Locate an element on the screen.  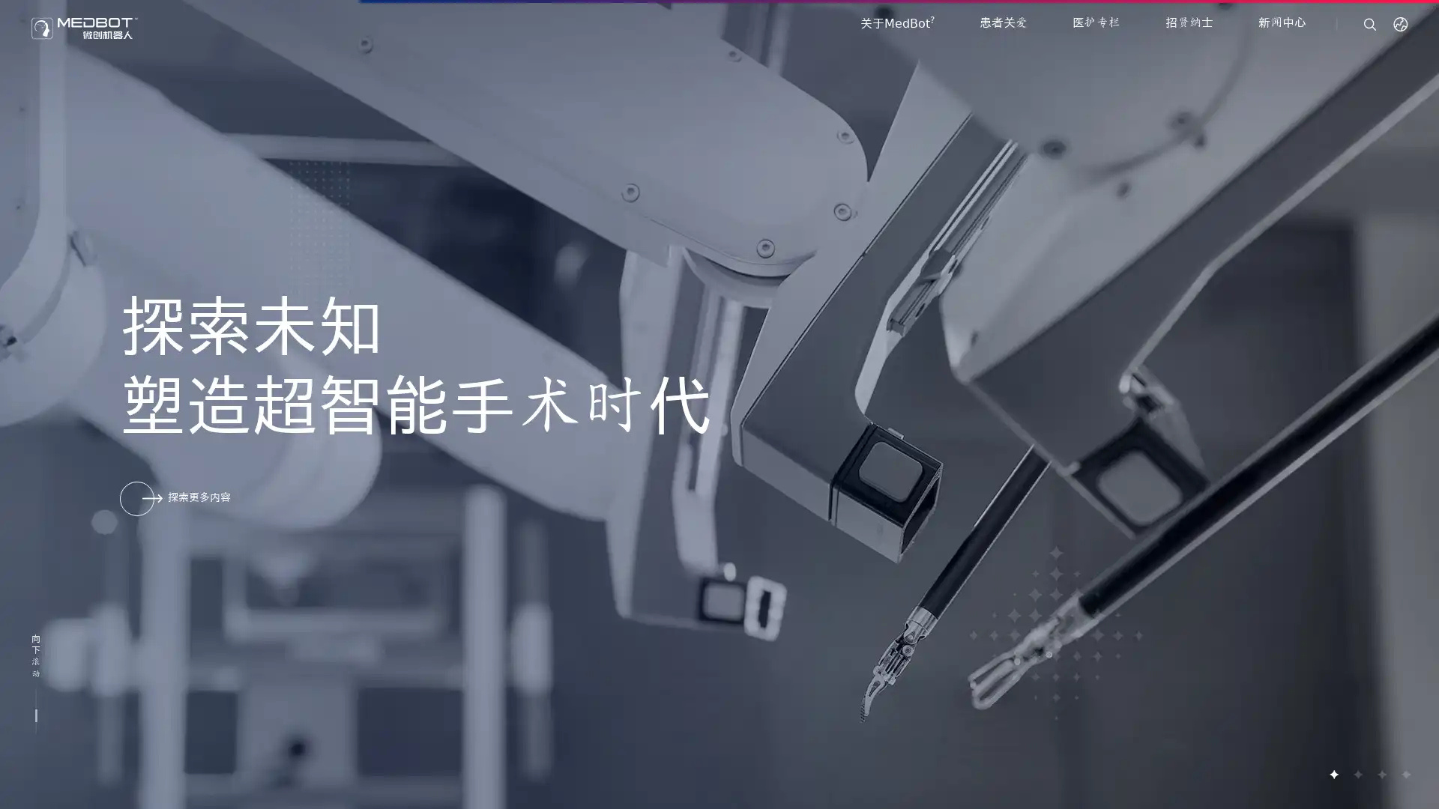
Go to slide 3 is located at coordinates (1381, 774).